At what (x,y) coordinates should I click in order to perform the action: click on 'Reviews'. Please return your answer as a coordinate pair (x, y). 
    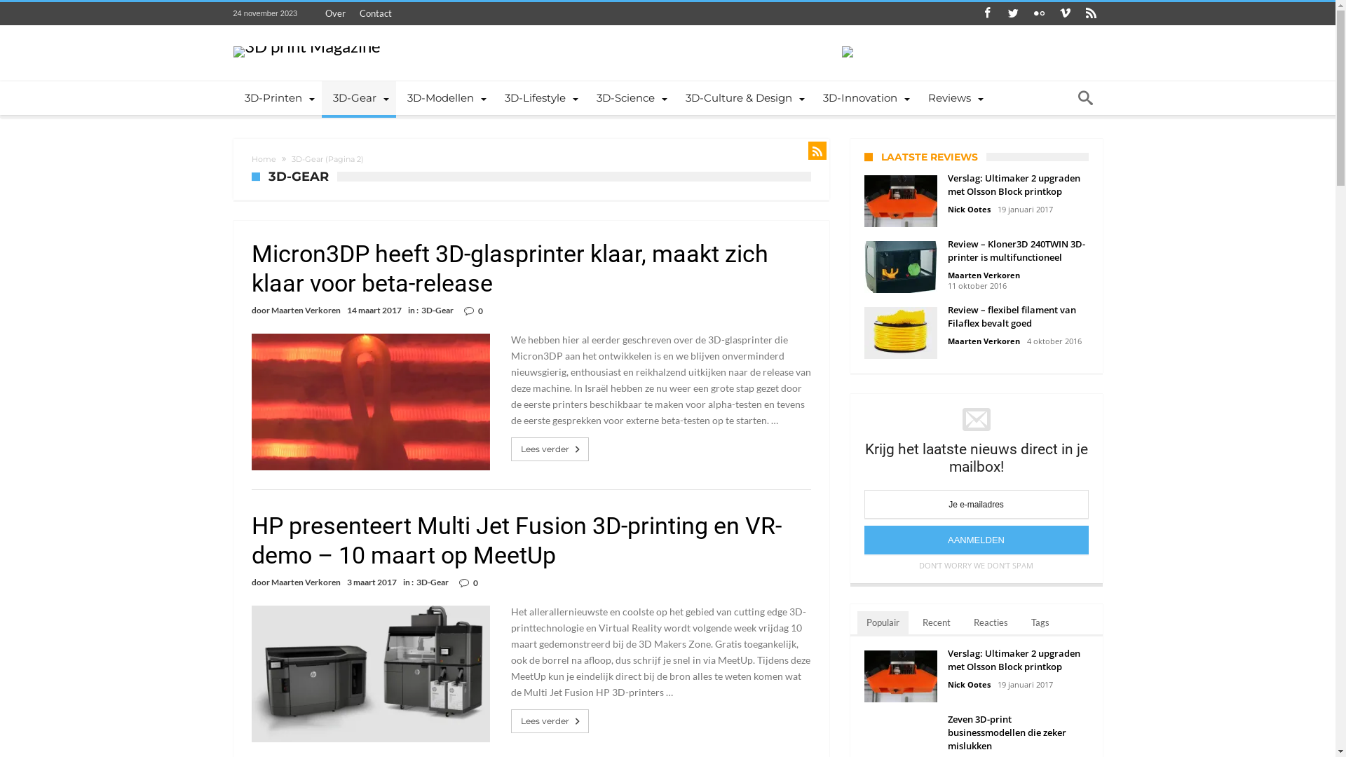
    Looking at the image, I should click on (953, 97).